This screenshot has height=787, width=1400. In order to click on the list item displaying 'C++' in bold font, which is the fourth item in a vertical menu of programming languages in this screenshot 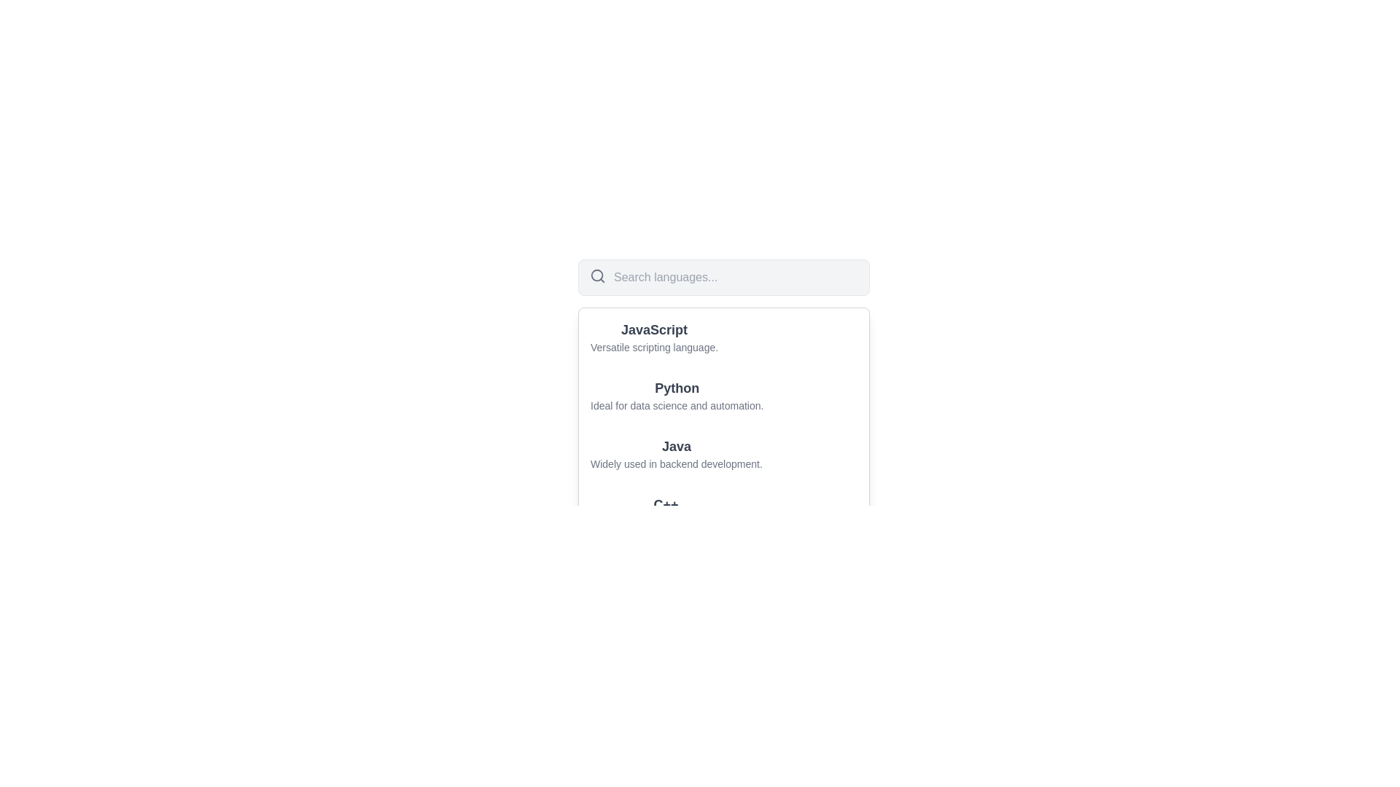, I will do `click(724, 511)`.